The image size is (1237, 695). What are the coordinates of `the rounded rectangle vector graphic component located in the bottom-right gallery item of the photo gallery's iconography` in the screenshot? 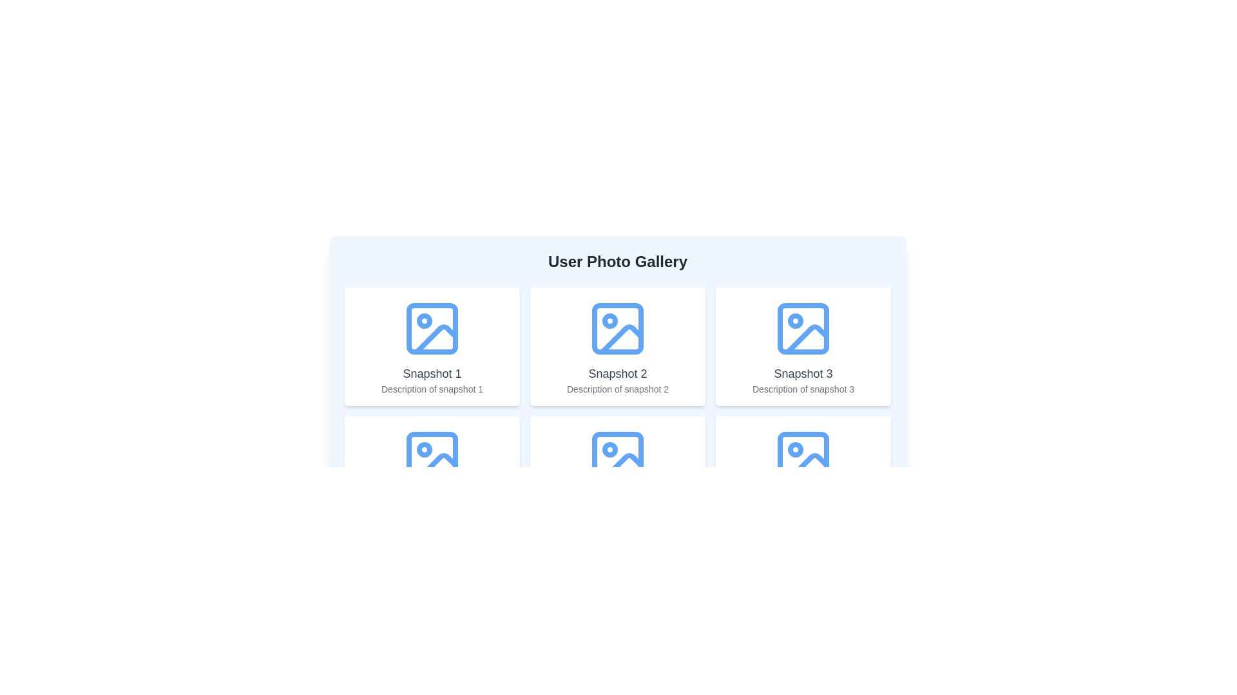 It's located at (803, 456).